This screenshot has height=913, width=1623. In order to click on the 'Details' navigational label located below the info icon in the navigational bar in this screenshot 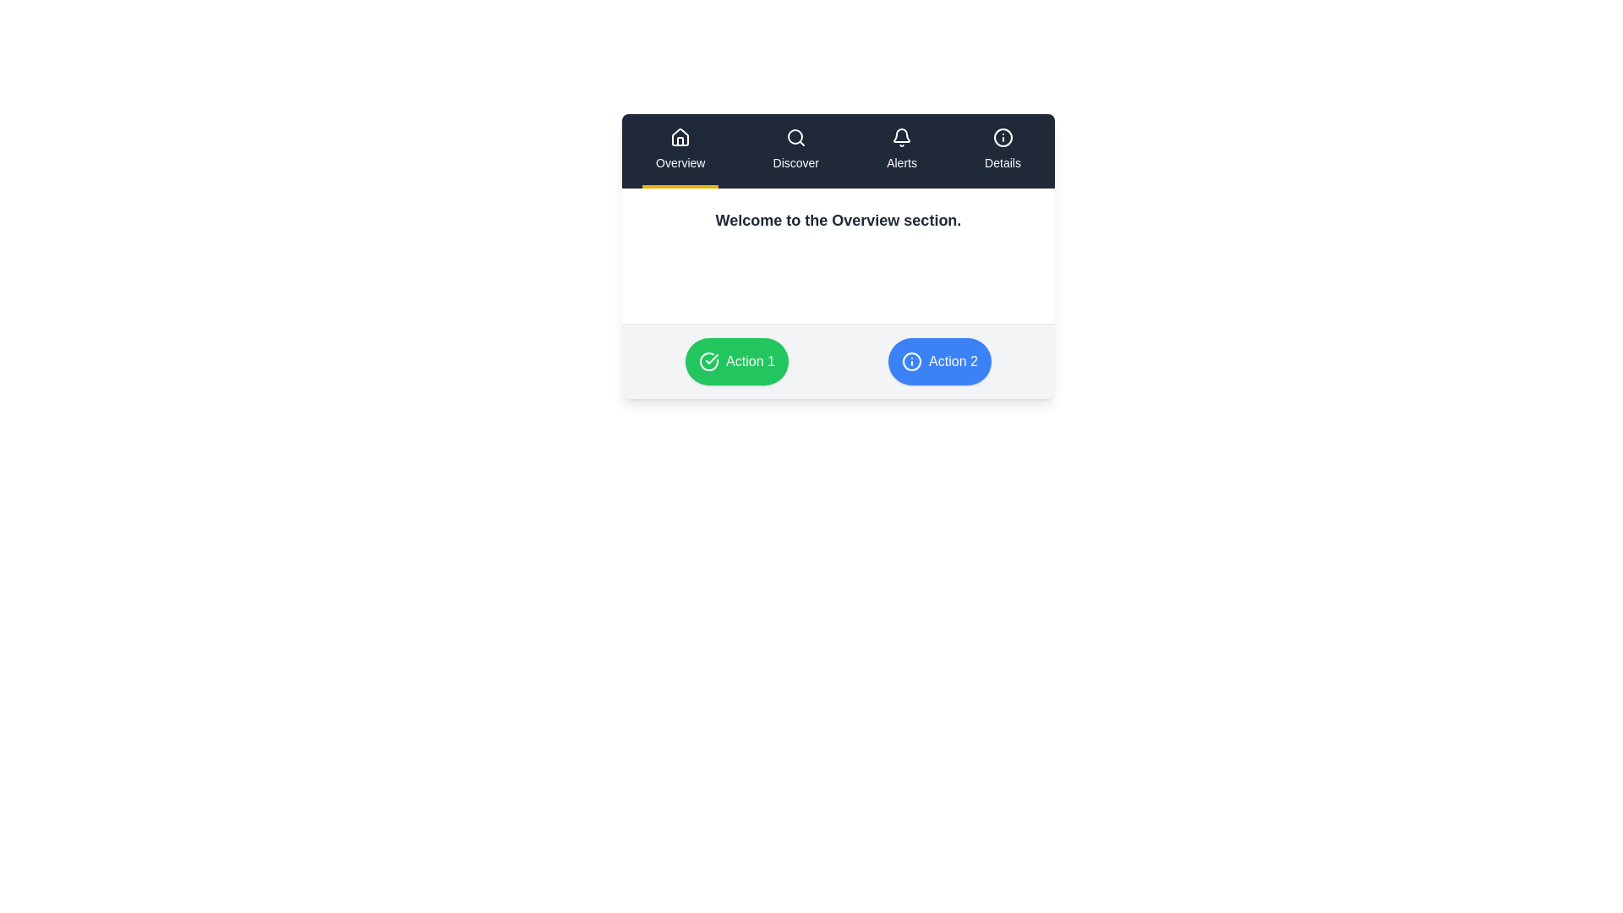, I will do `click(1003, 162)`.